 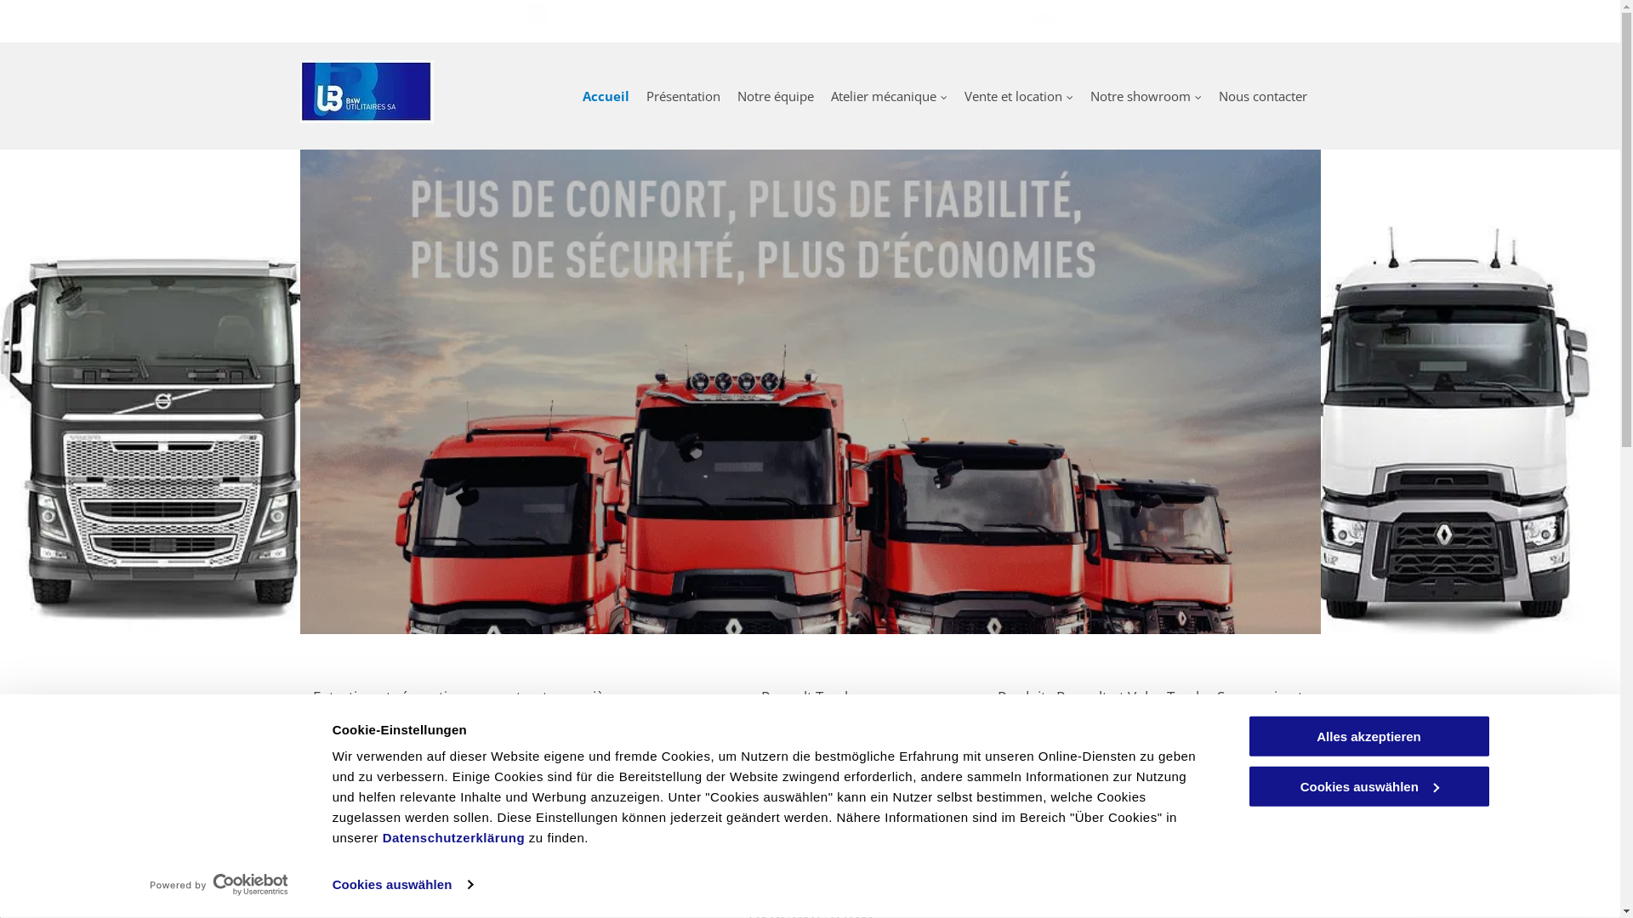 What do you see at coordinates (1368, 735) in the screenshot?
I see `'Alles akzeptieren'` at bounding box center [1368, 735].